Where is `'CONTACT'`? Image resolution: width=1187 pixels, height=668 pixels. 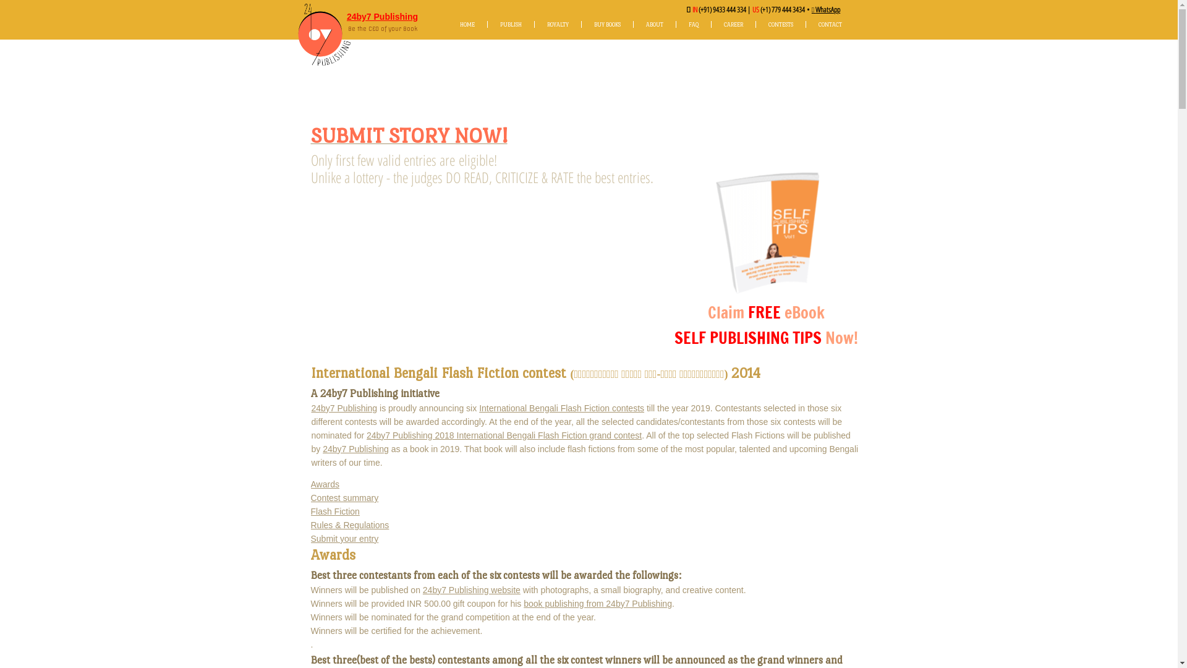
'CONTACT' is located at coordinates (830, 24).